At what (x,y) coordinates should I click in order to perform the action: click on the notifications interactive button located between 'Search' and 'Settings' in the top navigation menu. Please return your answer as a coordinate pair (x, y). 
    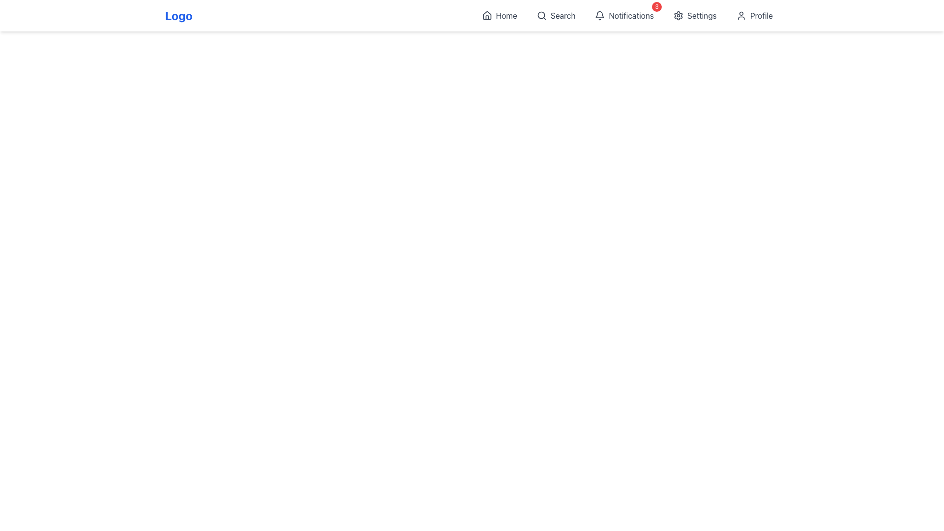
    Looking at the image, I should click on (624, 15).